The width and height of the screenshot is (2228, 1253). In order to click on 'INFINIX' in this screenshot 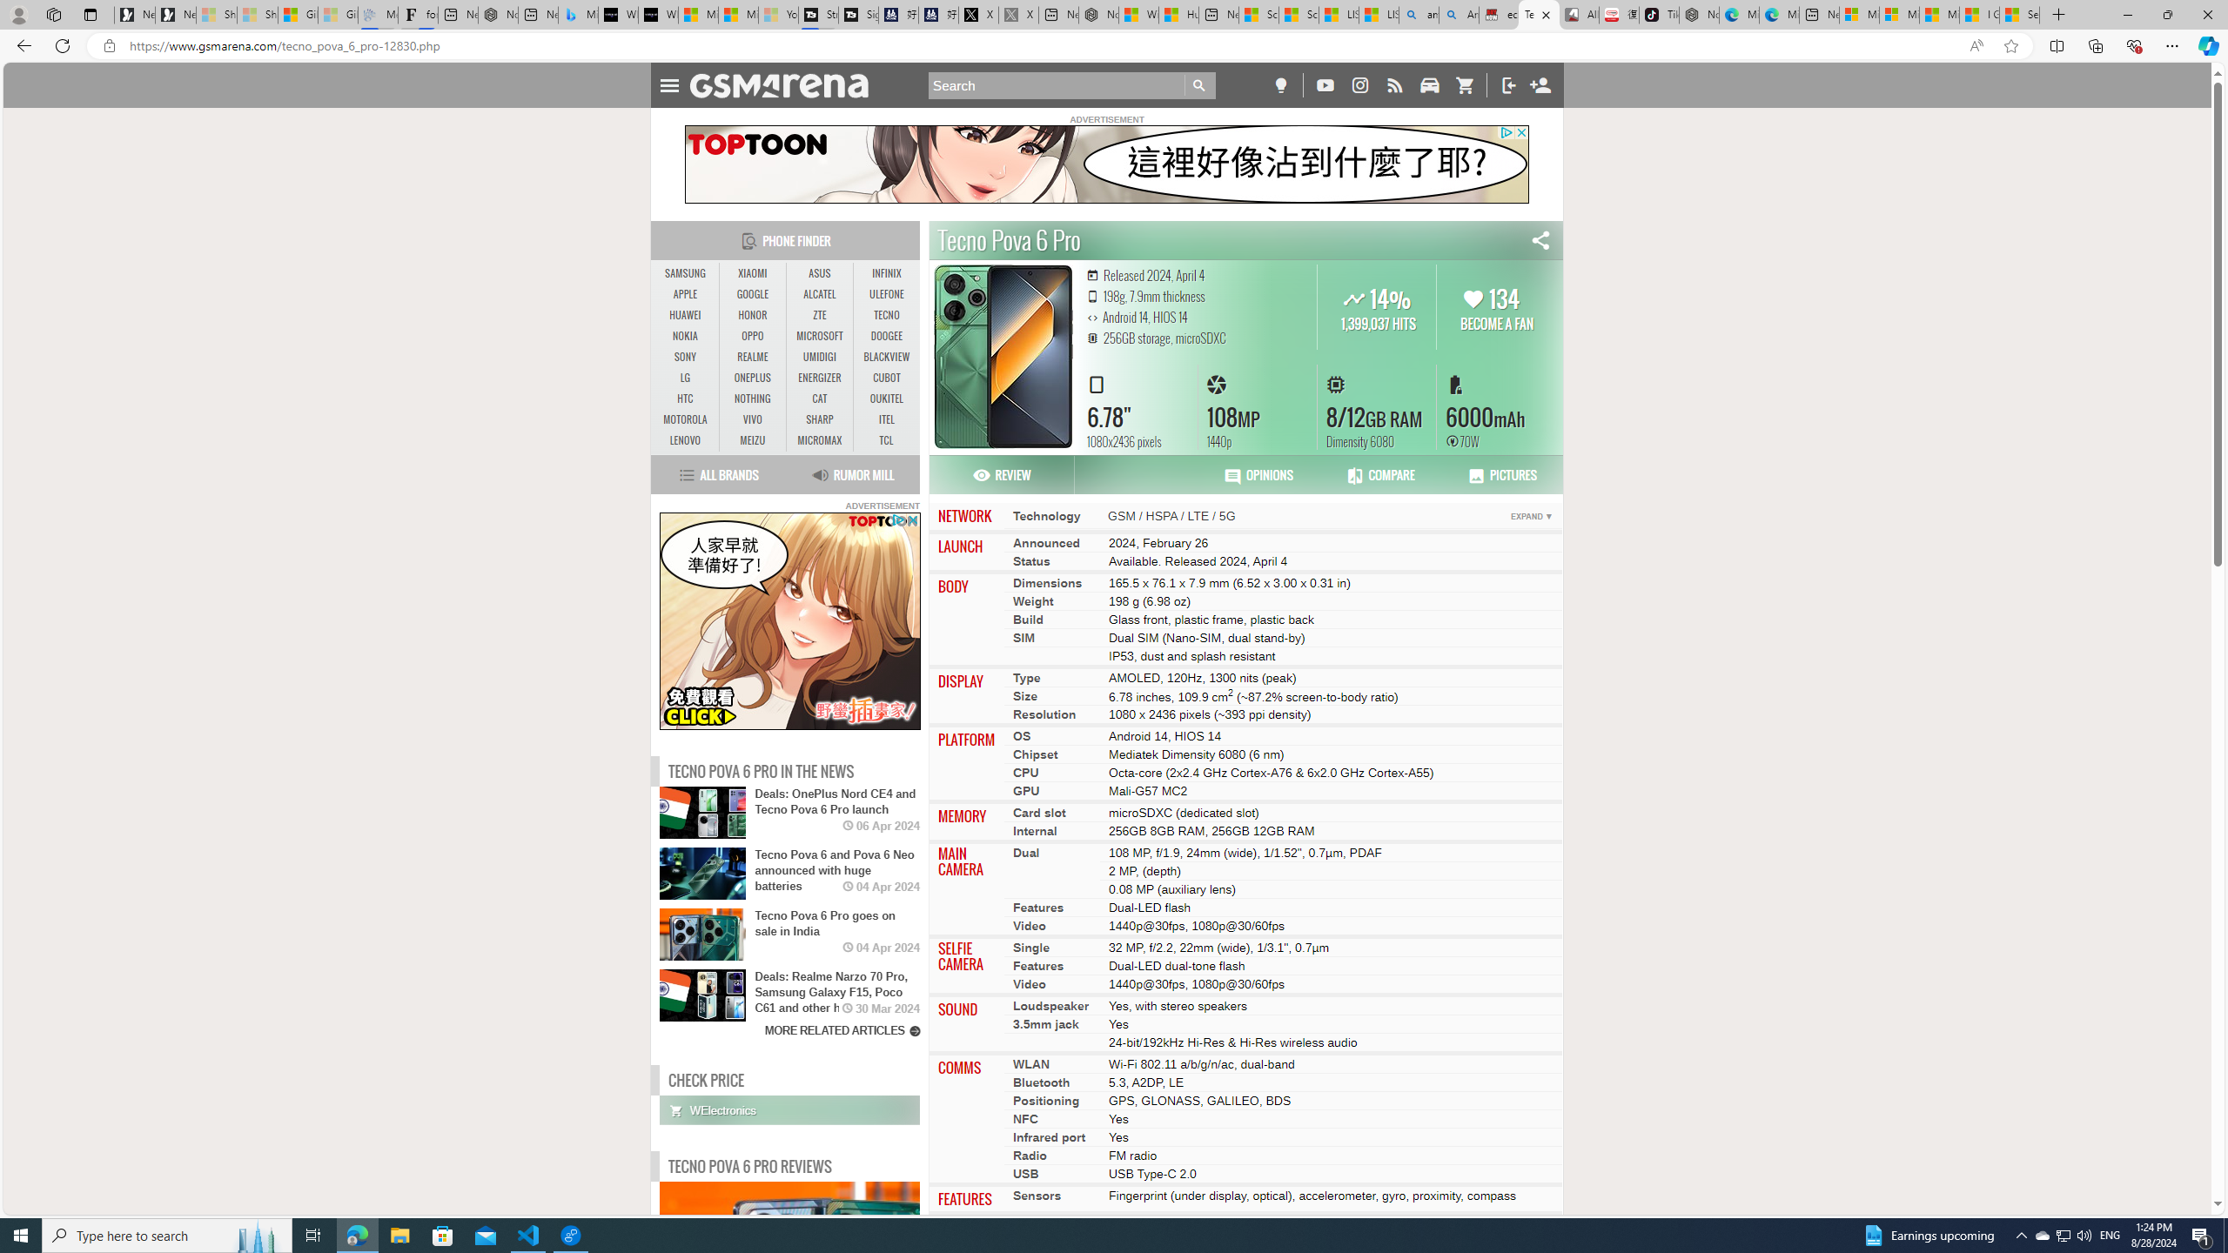, I will do `click(886, 273)`.